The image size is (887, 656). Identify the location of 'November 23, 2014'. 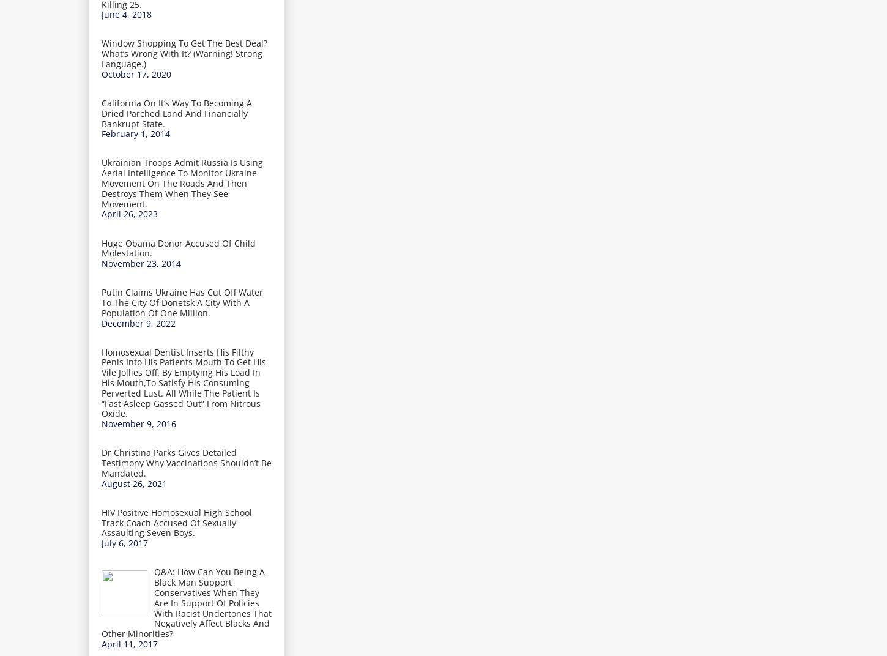
(140, 263).